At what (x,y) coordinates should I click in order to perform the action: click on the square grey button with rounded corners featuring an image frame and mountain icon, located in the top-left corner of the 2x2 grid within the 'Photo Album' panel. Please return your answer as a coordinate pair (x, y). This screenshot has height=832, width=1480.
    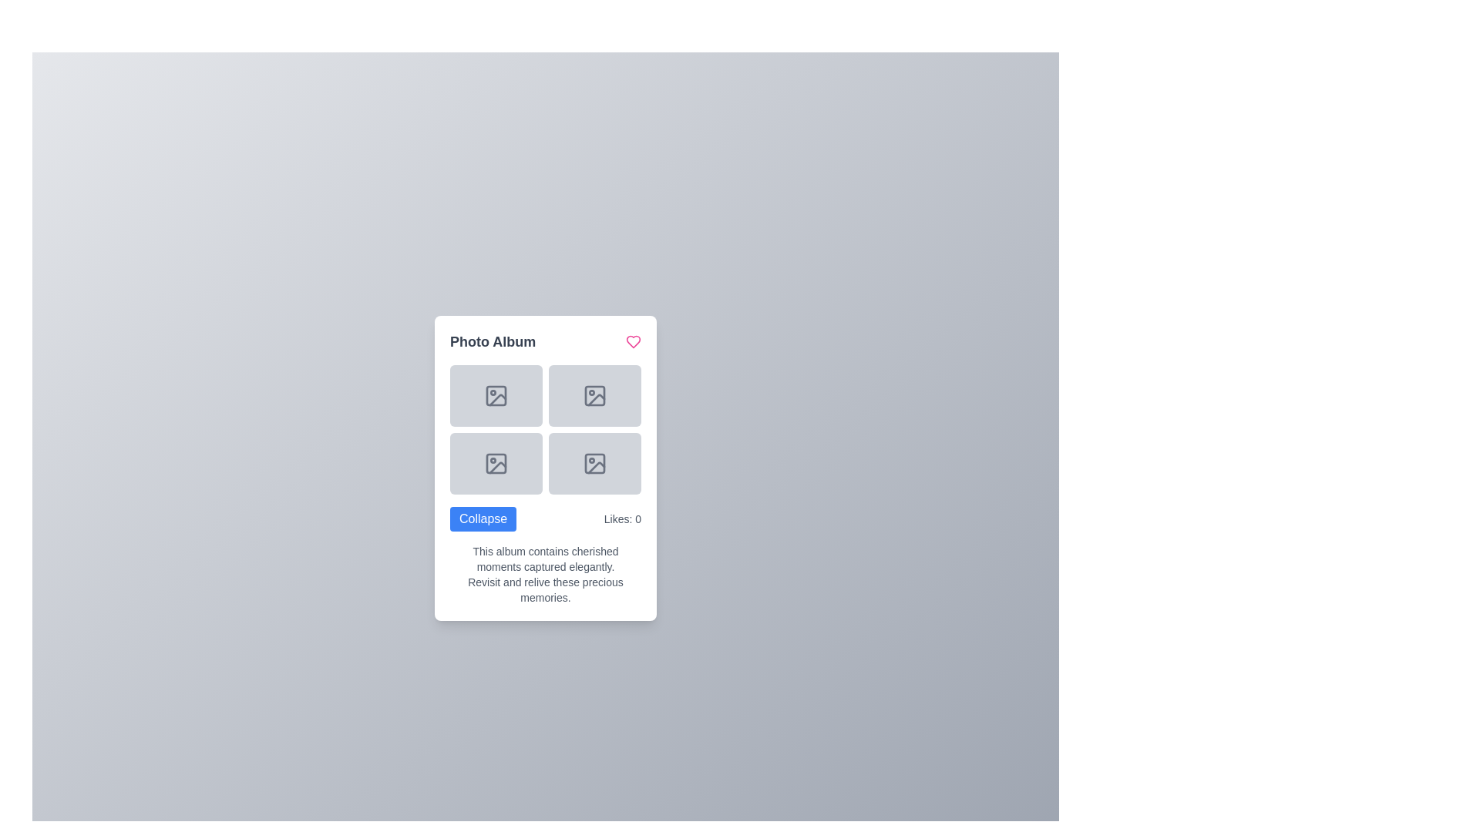
    Looking at the image, I should click on (496, 394).